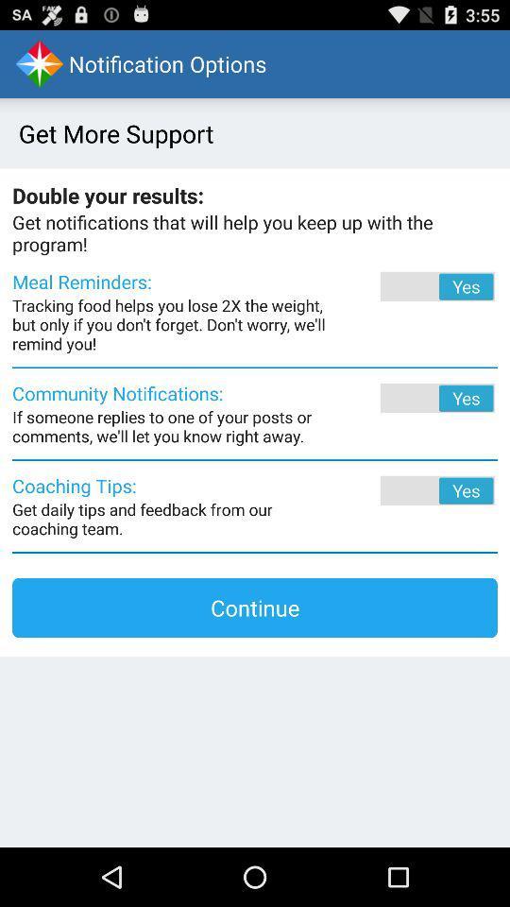  Describe the element at coordinates (411, 398) in the screenshot. I see `notifications` at that location.